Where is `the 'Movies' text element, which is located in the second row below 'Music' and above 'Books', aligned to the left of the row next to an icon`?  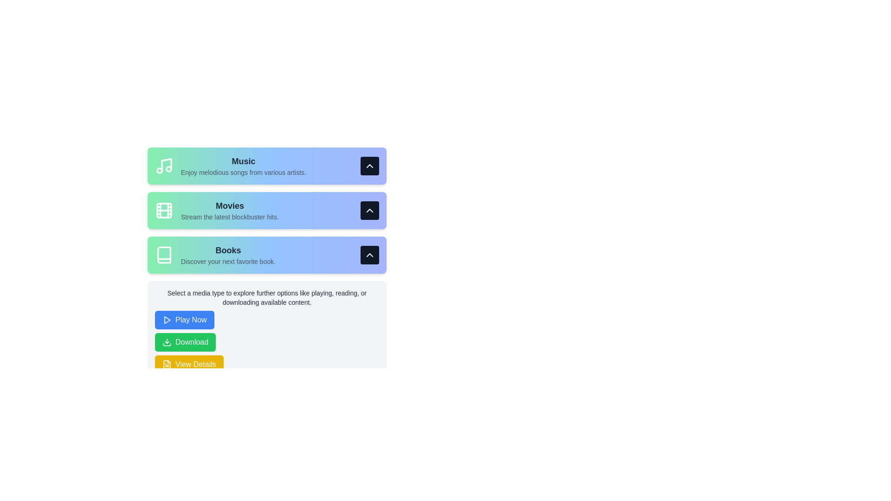
the 'Movies' text element, which is located in the second row below 'Music' and above 'Books', aligned to the left of the row next to an icon is located at coordinates (230, 211).